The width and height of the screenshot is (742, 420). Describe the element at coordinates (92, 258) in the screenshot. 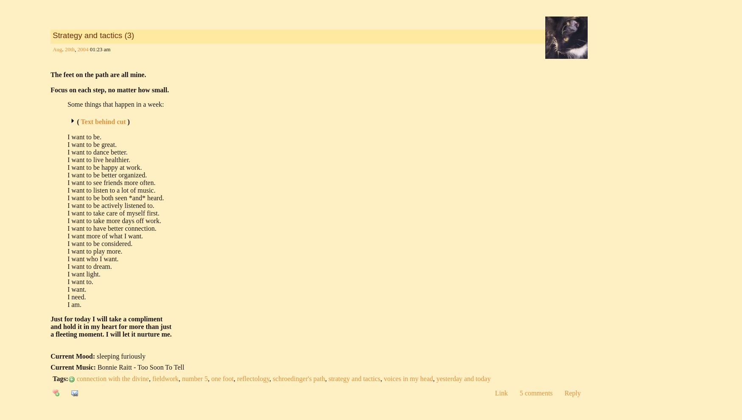

I see `'I want who I want.'` at that location.